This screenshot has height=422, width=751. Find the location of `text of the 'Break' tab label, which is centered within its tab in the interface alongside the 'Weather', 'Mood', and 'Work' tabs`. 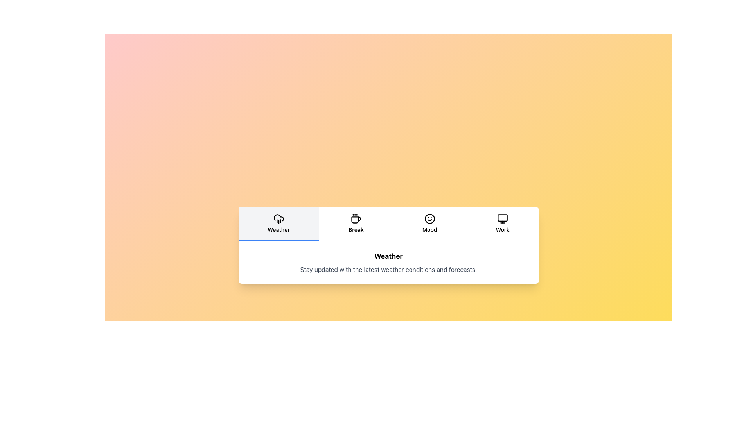

text of the 'Break' tab label, which is centered within its tab in the interface alongside the 'Weather', 'Mood', and 'Work' tabs is located at coordinates (356, 229).